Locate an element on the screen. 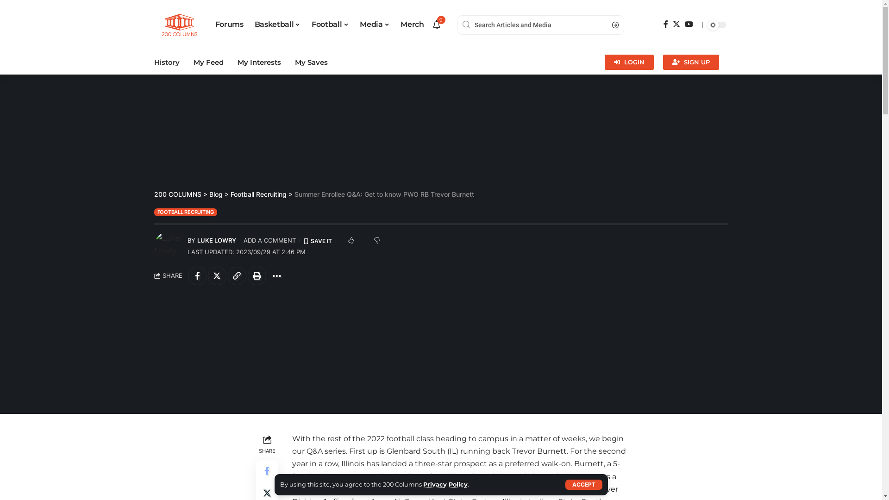 The height and width of the screenshot is (500, 889). 'Basketball' is located at coordinates (277, 25).